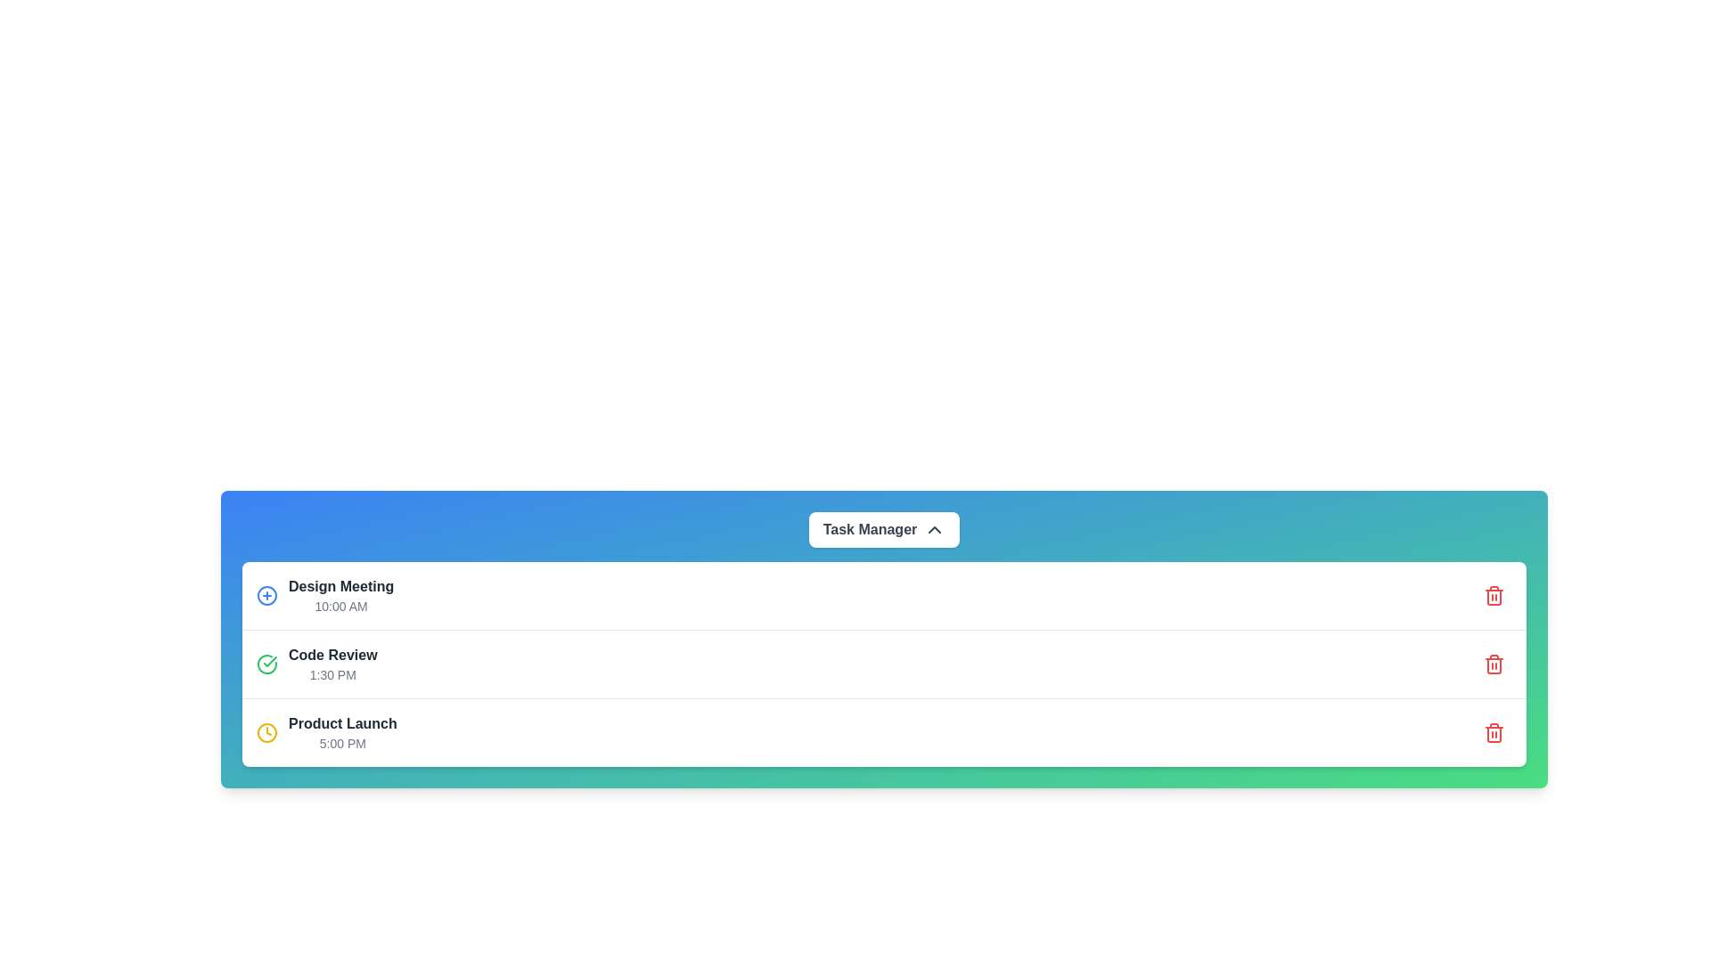  Describe the element at coordinates (1494, 732) in the screenshot. I see `the circular delete button with a red border and a trash can icon located at the far right of the 'Product Launch 5:00 PM' row` at that location.